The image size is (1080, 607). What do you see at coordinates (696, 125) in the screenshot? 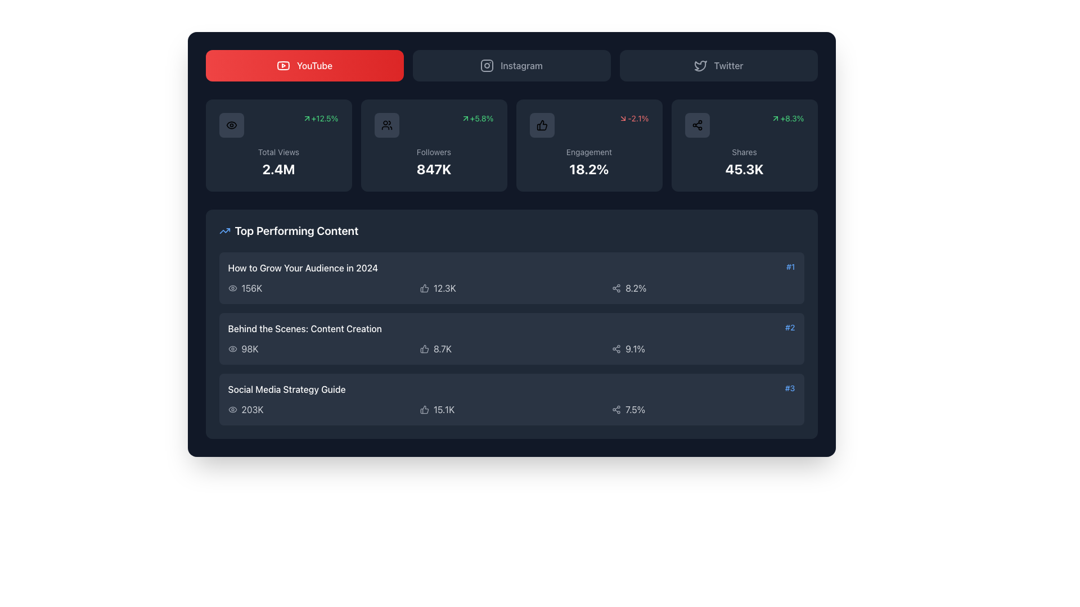
I see `the sharing icon` at bounding box center [696, 125].